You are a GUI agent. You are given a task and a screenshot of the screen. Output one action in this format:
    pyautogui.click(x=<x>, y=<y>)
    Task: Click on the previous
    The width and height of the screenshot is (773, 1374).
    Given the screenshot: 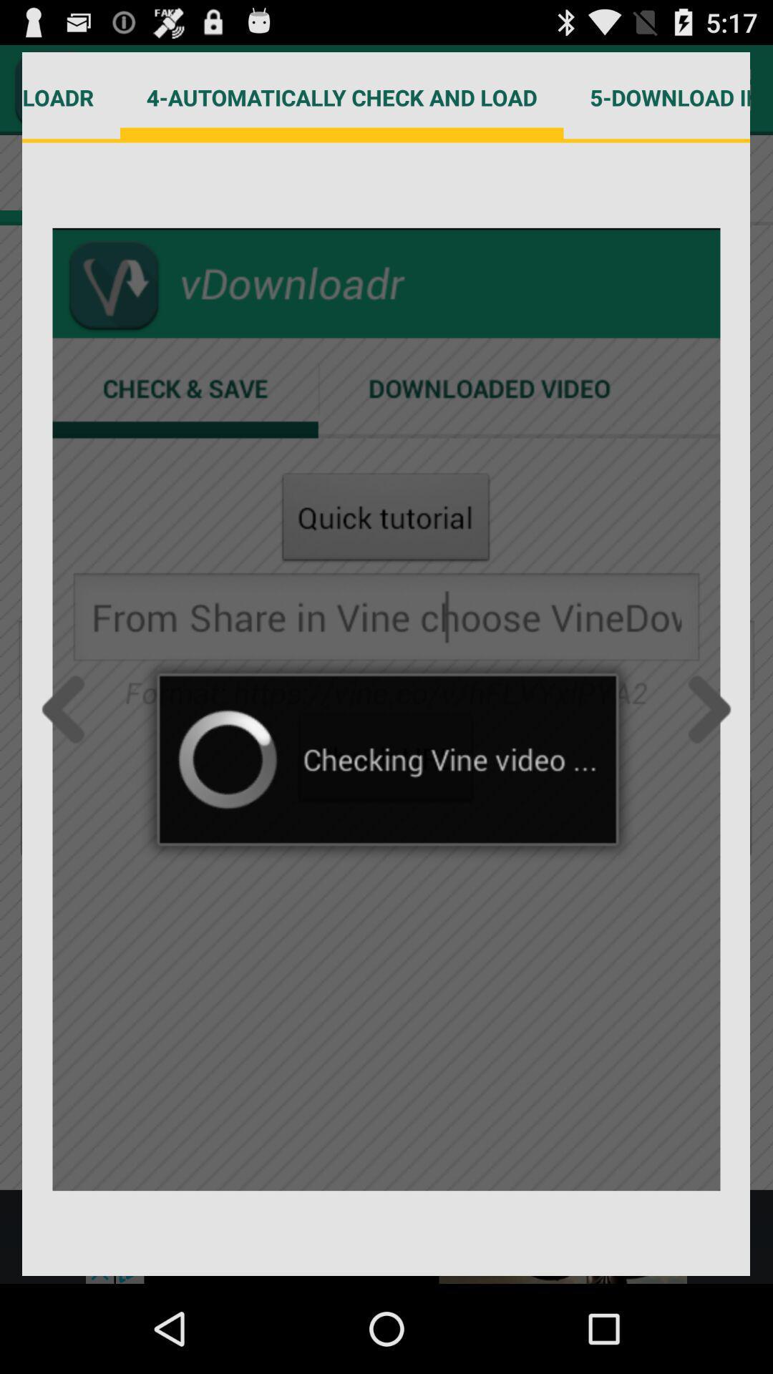 What is the action you would take?
    pyautogui.click(x=67, y=709)
    